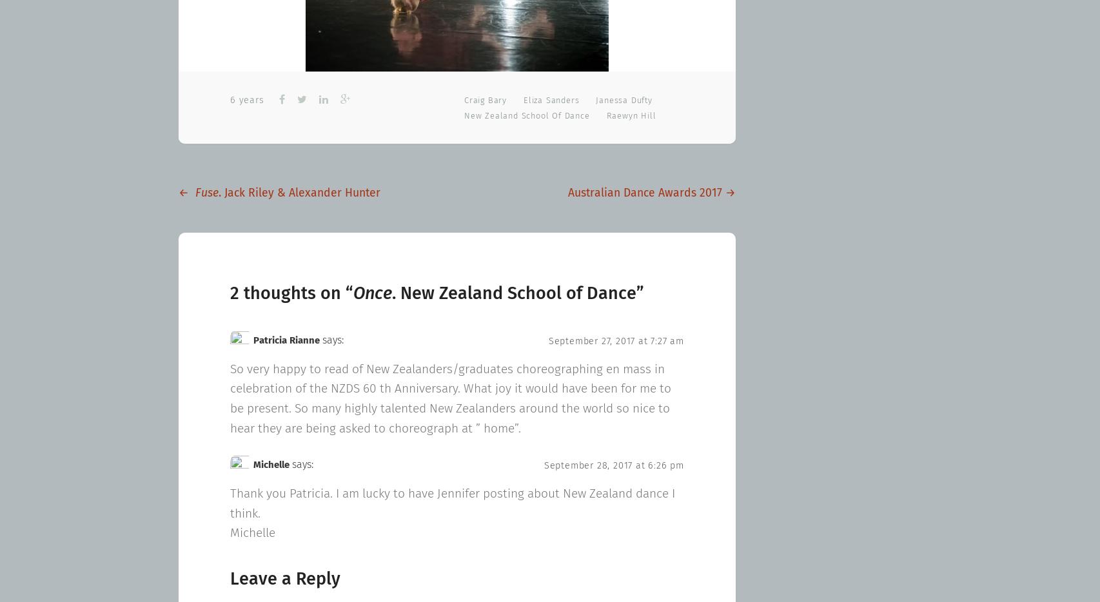 Image resolution: width=1100 pixels, height=602 pixels. I want to click on 'New Zealand School of Dance', so click(526, 115).